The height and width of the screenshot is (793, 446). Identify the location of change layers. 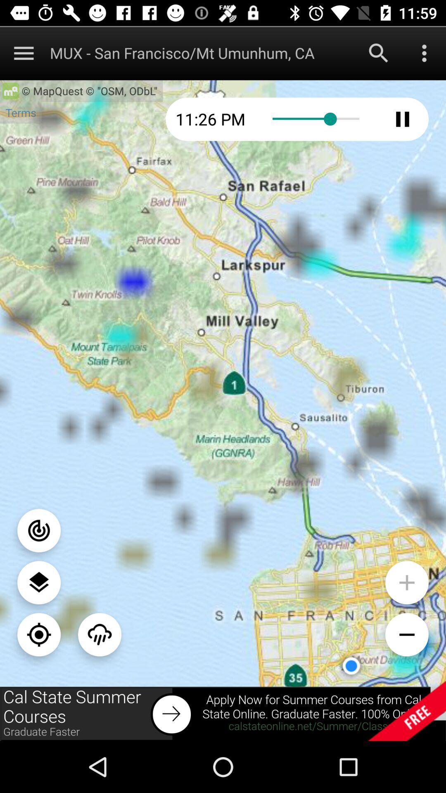
(39, 582).